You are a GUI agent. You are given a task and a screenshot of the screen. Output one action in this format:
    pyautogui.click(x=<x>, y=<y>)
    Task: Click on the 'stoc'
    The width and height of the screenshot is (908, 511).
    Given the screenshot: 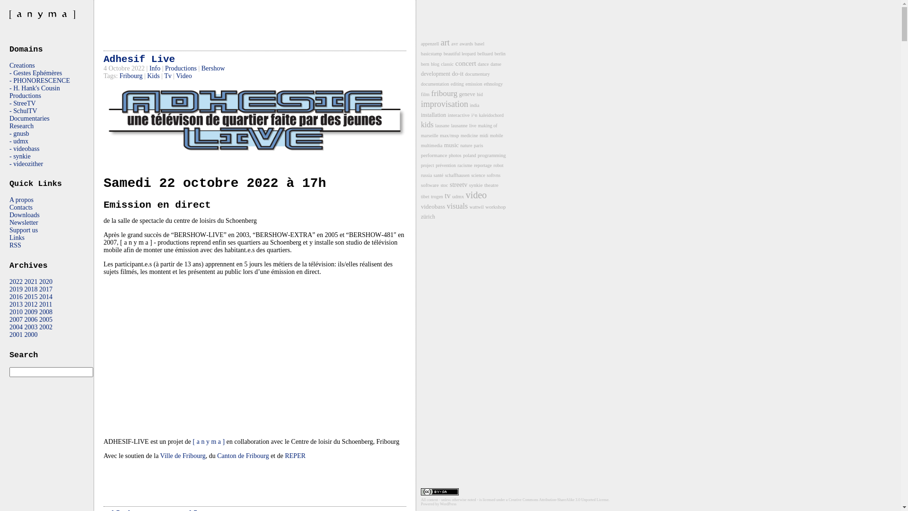 What is the action you would take?
    pyautogui.click(x=444, y=185)
    